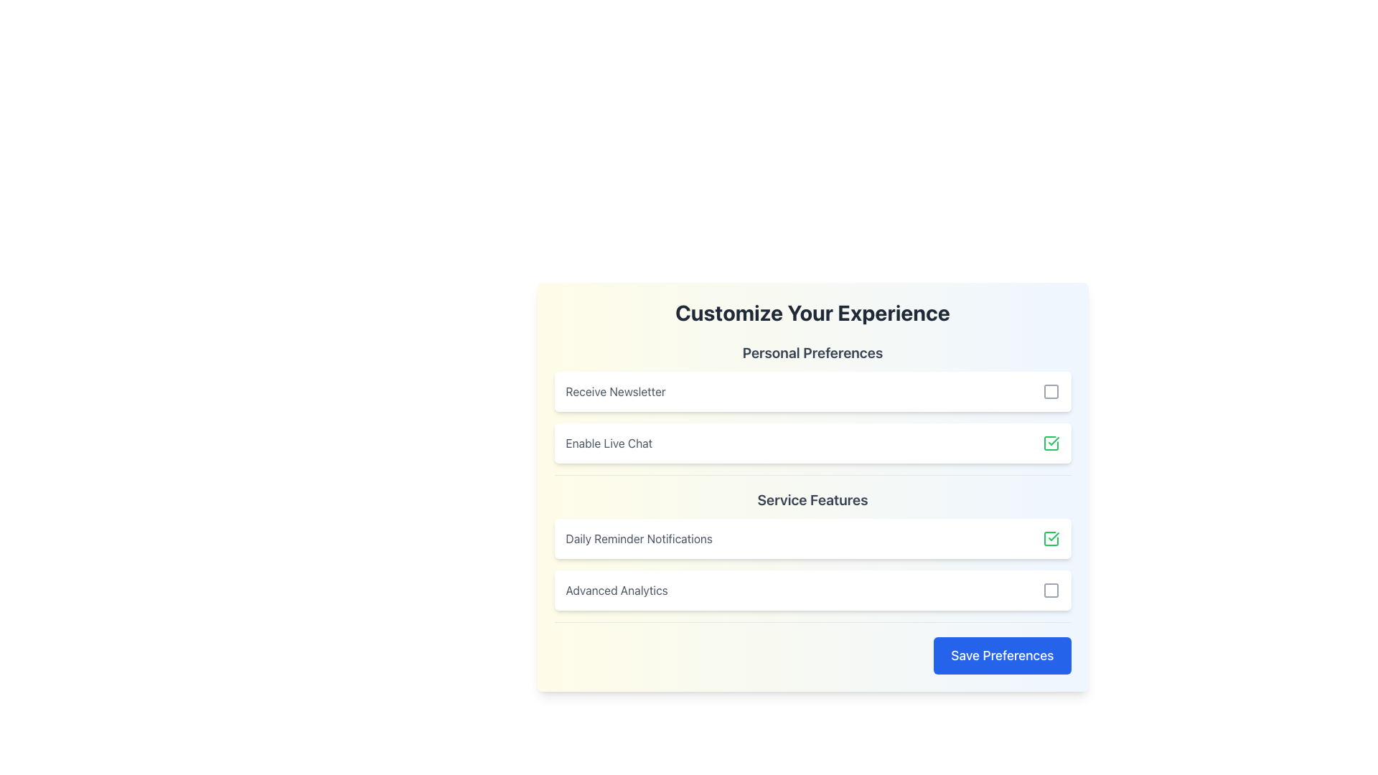 The width and height of the screenshot is (1378, 775). I want to click on the checkbox for 'Daily Reminder Notifications', so click(1051, 539).